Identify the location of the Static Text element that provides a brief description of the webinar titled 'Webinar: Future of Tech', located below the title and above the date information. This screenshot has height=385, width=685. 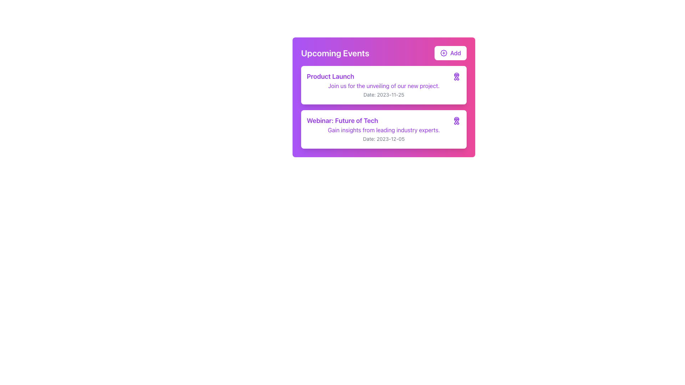
(383, 130).